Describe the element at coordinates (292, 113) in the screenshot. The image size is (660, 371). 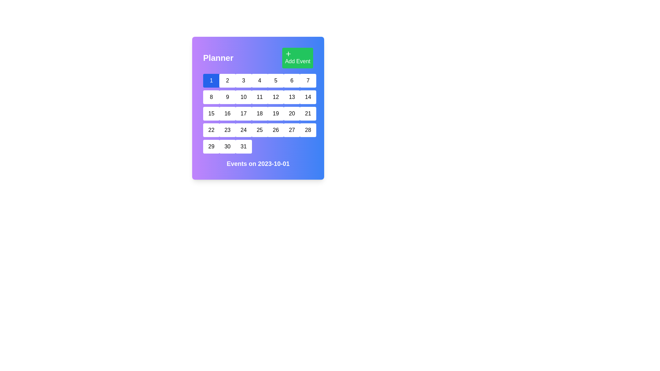
I see `the button in the calendar interface that allows users` at that location.